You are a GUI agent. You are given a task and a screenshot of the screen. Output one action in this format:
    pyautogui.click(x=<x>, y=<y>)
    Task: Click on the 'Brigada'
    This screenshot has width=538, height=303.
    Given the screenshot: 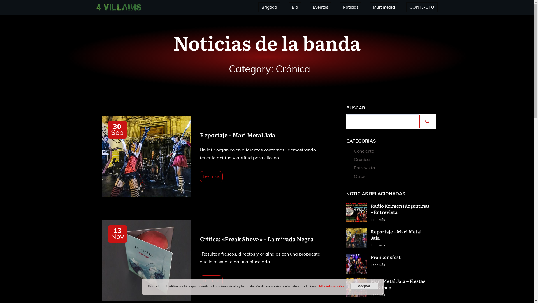 What is the action you would take?
    pyautogui.click(x=269, y=7)
    